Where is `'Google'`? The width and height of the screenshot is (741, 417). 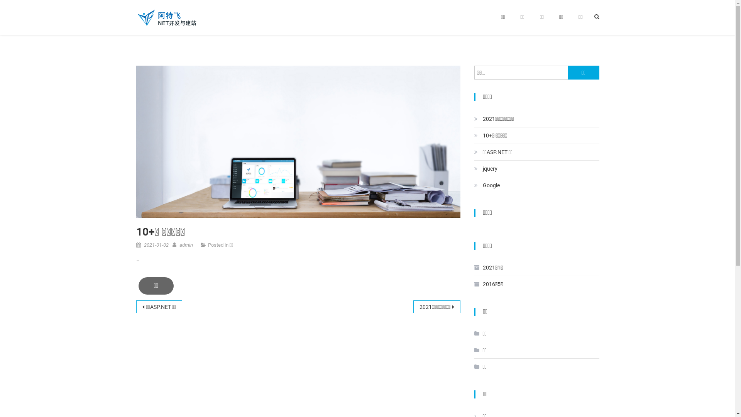 'Google' is located at coordinates (486, 185).